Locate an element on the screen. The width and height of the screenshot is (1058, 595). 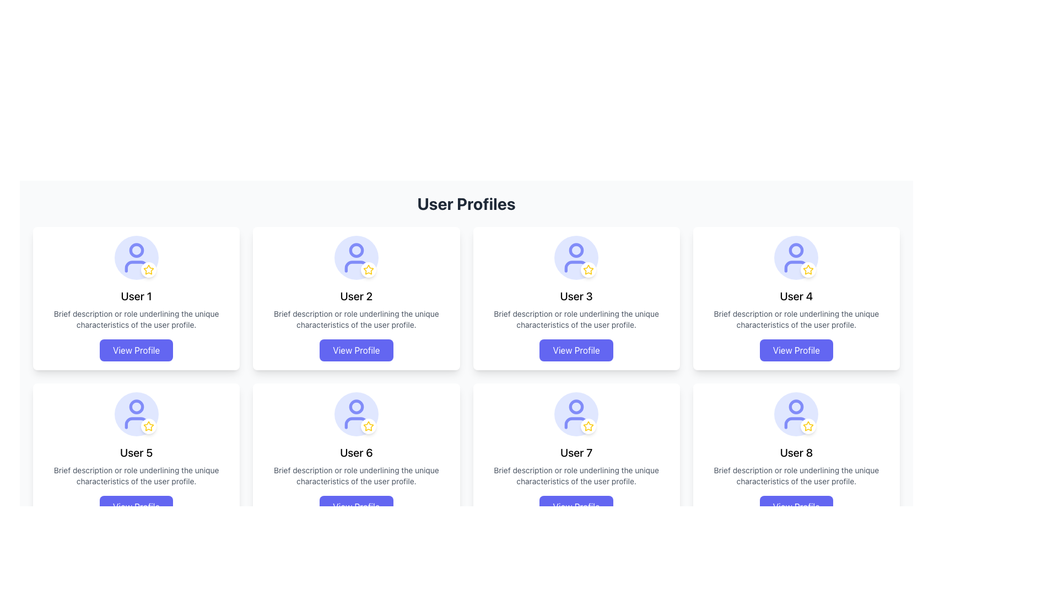
the star icon located in the bottom-right corner of the seventh user card in the layout, which is in the second row of the grid and third from the left is located at coordinates (588, 426).